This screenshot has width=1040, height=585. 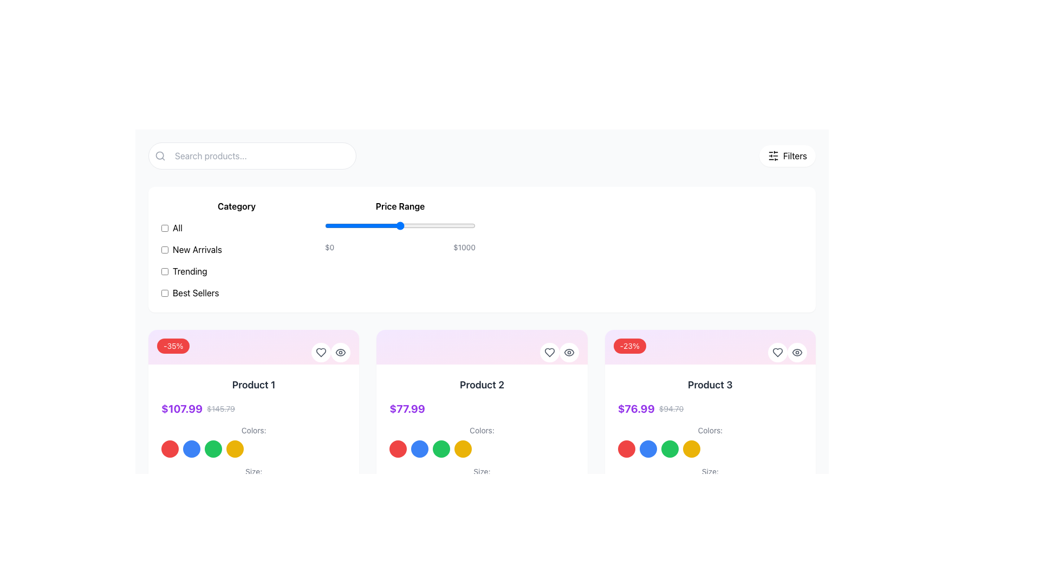 What do you see at coordinates (710, 384) in the screenshot?
I see `the Text label for 'Product 3', which is positioned at the top of the product card, beneath the discount badge and above the price information` at bounding box center [710, 384].